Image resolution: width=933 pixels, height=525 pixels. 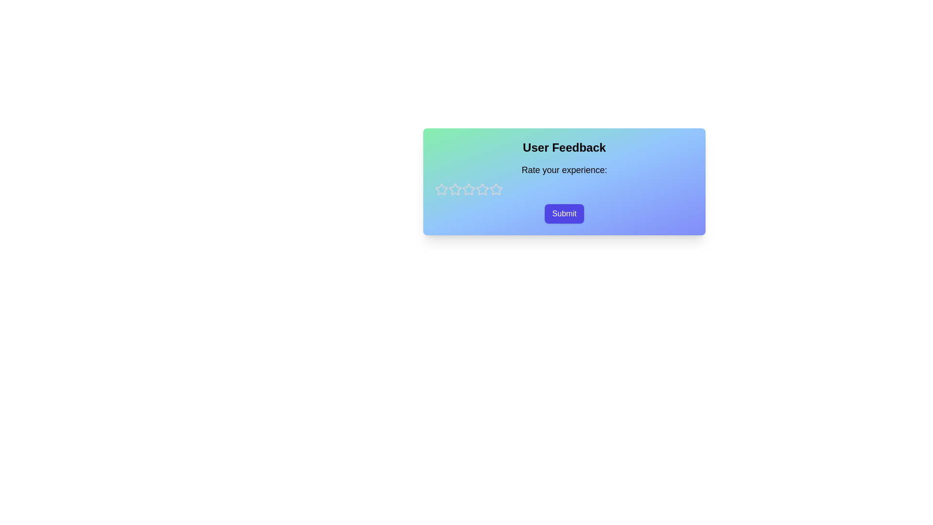 I want to click on the descriptive label prompting the user to rate their experience, located under the title 'User Feedback' and above the star rating components, so click(x=564, y=170).